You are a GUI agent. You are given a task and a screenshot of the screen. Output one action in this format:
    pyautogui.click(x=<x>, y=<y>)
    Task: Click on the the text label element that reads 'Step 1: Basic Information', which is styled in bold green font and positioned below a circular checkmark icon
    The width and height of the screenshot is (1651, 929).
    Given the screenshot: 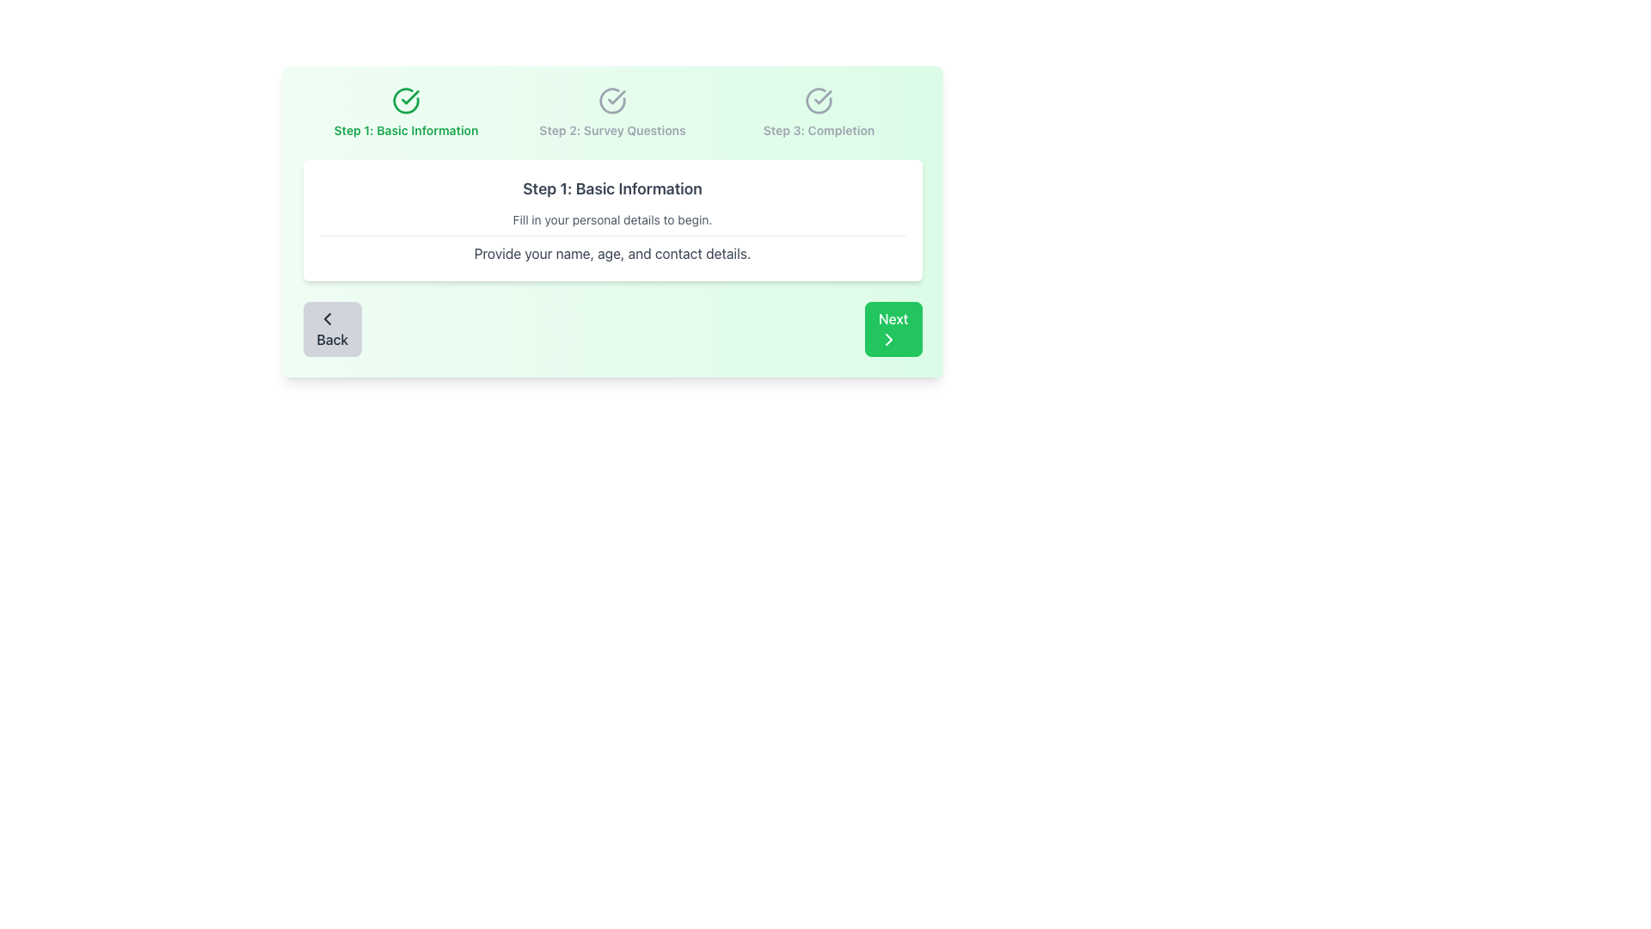 What is the action you would take?
    pyautogui.click(x=405, y=129)
    